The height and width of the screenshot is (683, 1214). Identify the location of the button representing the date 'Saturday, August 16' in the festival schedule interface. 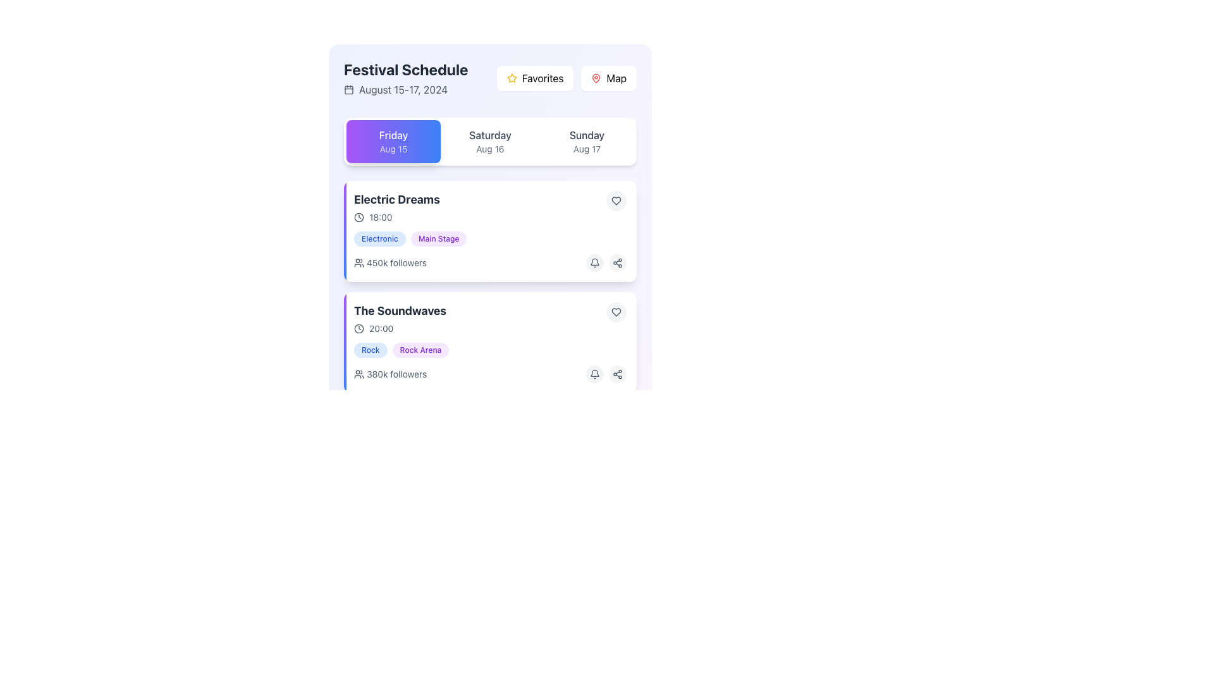
(489, 141).